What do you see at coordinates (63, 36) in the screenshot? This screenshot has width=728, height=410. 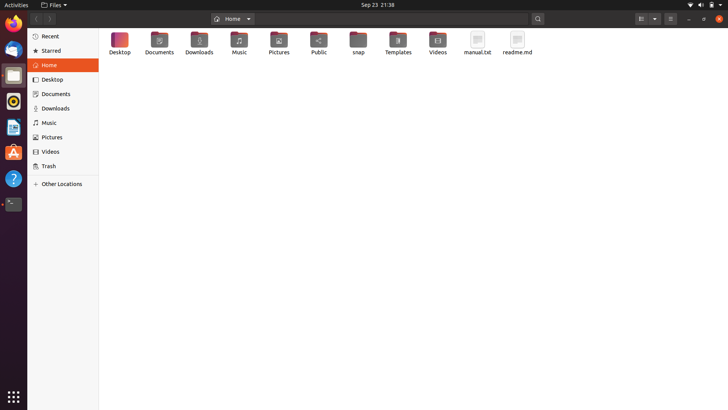 I see `Navigate and select the "Recents" section` at bounding box center [63, 36].